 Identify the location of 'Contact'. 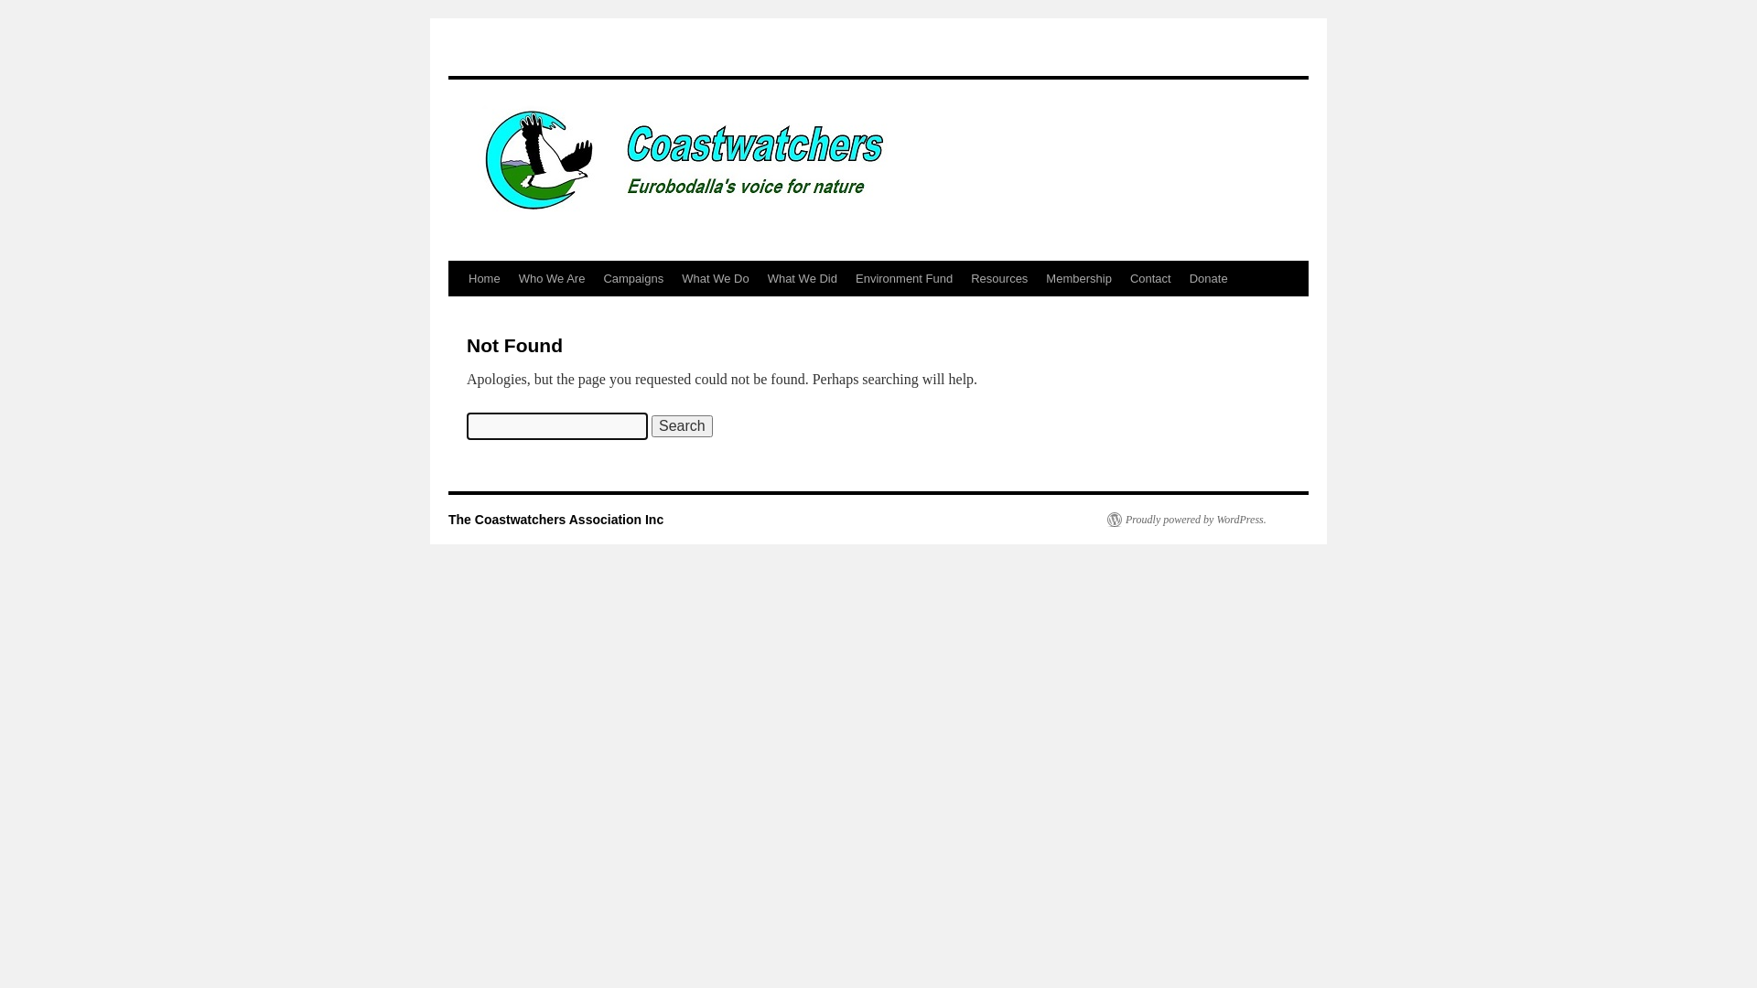
(1149, 278).